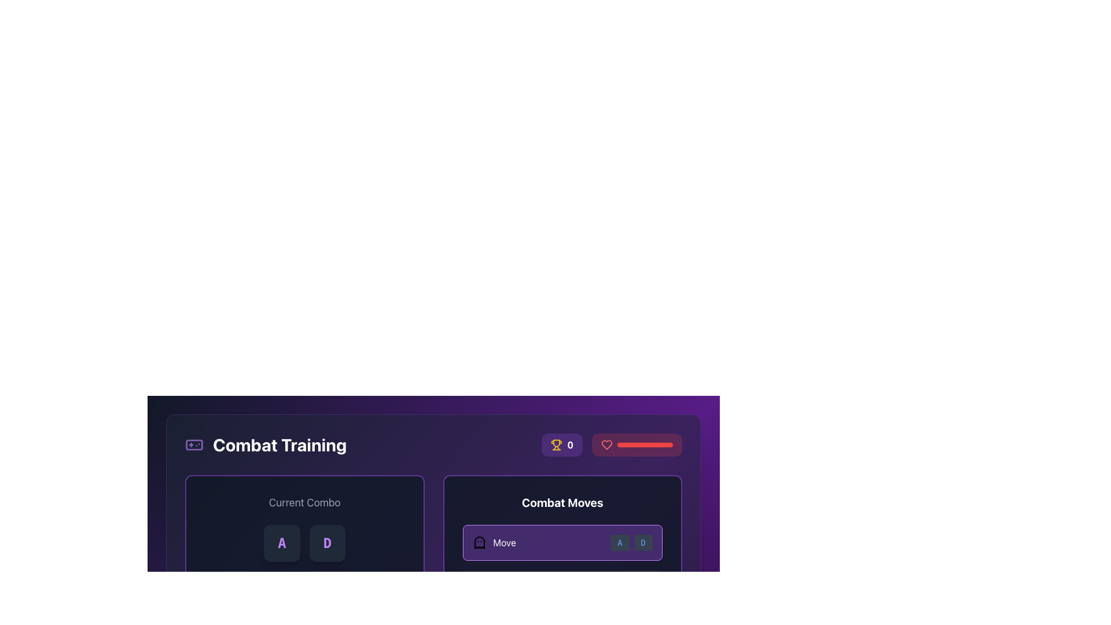 The width and height of the screenshot is (1111, 625). What do you see at coordinates (611, 444) in the screenshot?
I see `the red rectangular progress bar with rounded edges that features a pink heart icon on its left side, located in the top-right corner of the 'Combat Training' card` at bounding box center [611, 444].